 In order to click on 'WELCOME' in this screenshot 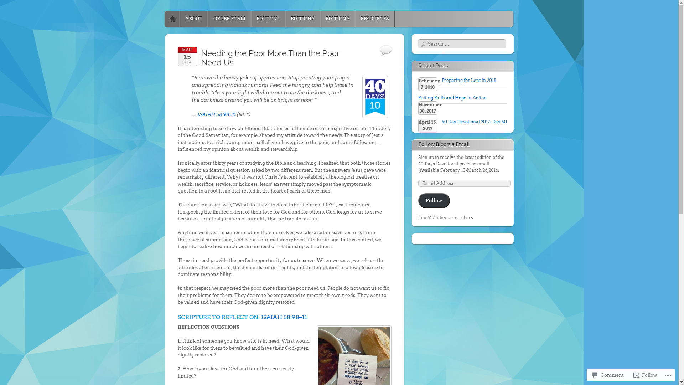, I will do `click(172, 19)`.